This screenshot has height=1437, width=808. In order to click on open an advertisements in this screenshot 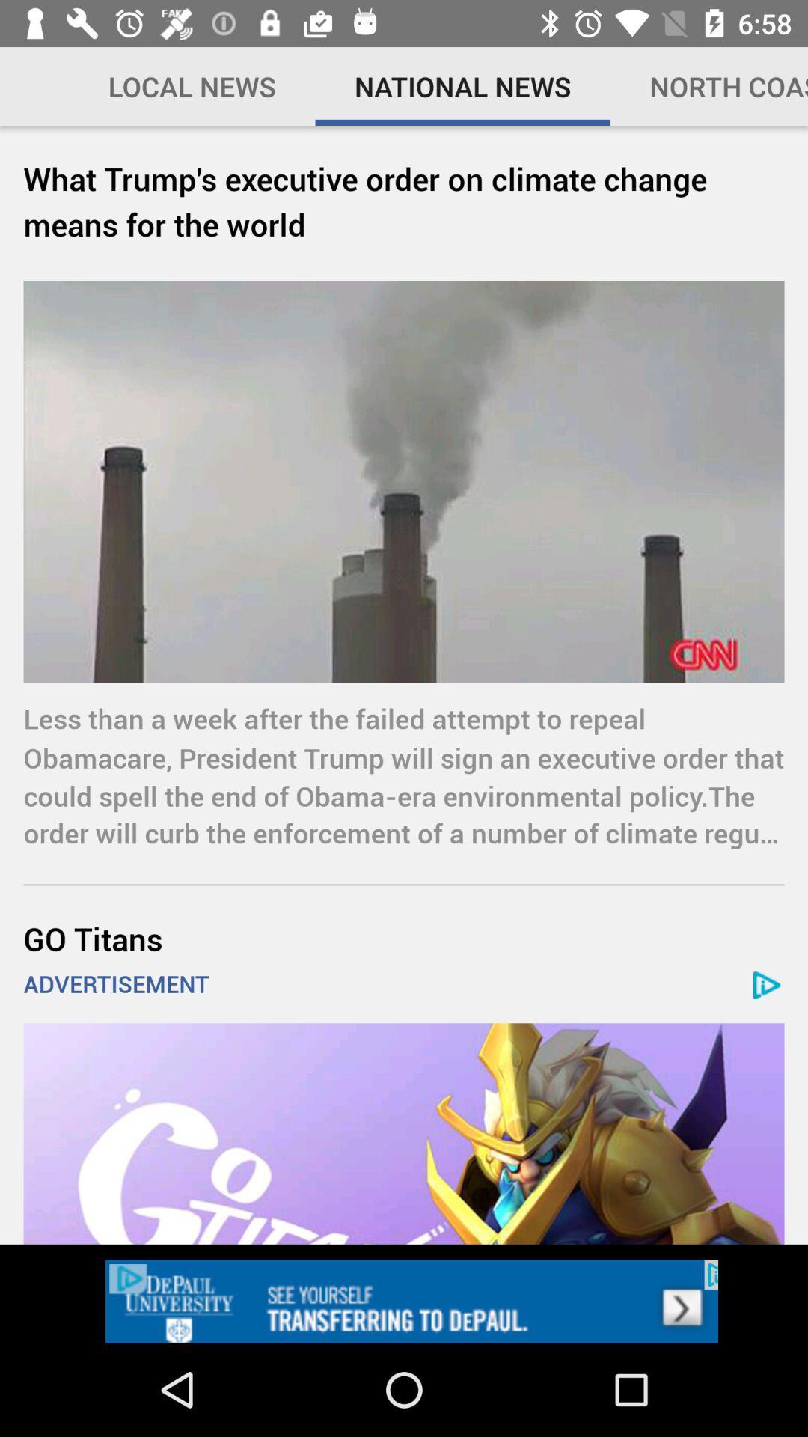, I will do `click(404, 1134)`.